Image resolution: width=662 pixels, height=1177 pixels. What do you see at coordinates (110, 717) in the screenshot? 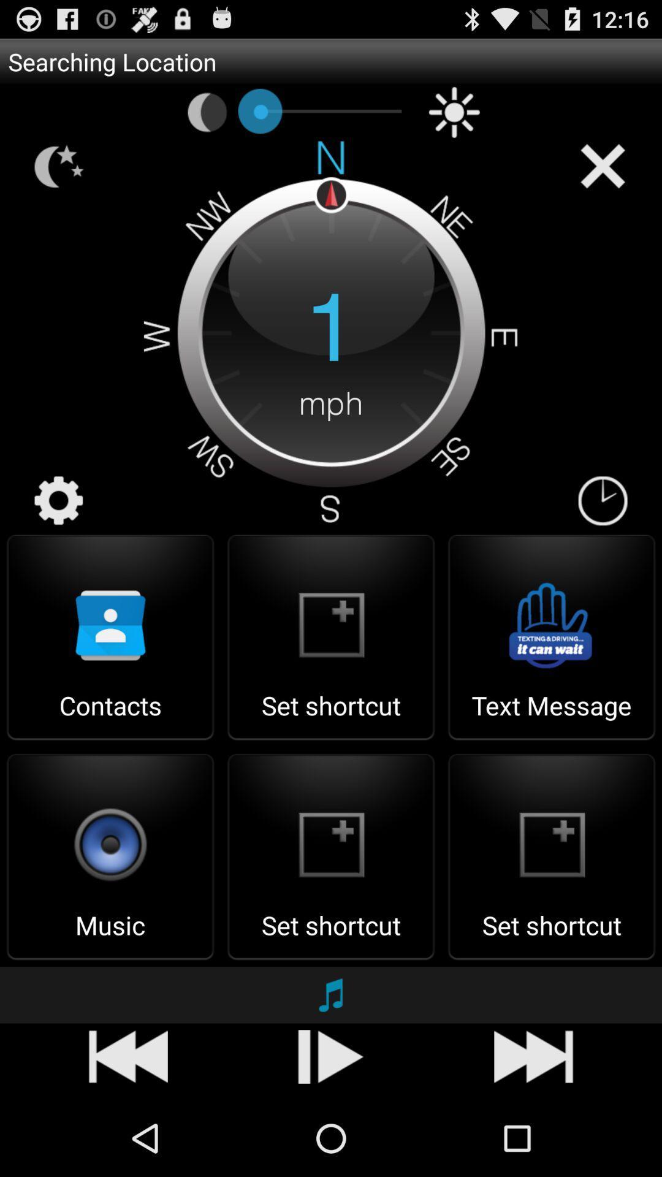
I see `the contacts item` at bounding box center [110, 717].